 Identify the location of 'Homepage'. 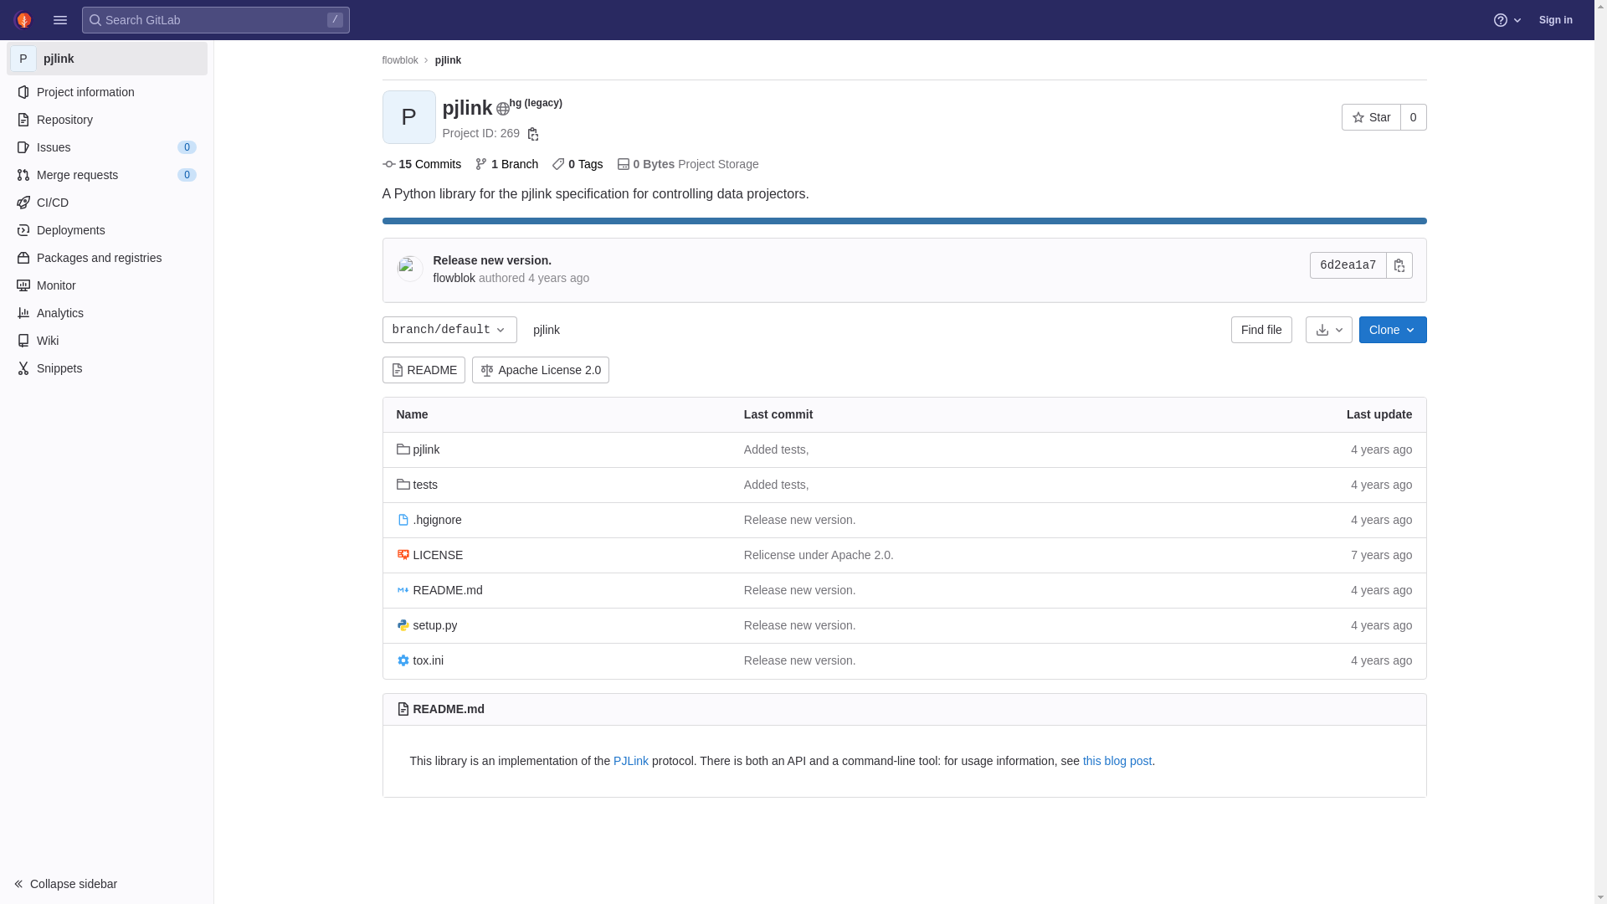
(23, 19).